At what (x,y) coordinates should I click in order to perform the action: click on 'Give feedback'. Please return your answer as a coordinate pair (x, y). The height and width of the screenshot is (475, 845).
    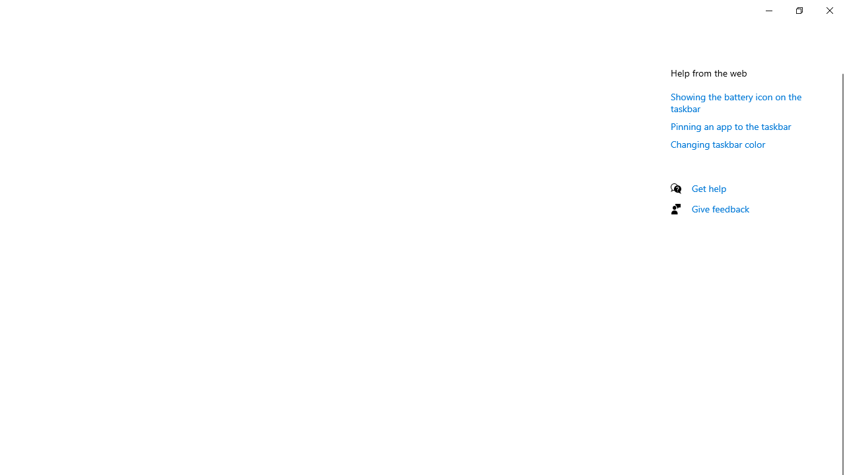
    Looking at the image, I should click on (720, 208).